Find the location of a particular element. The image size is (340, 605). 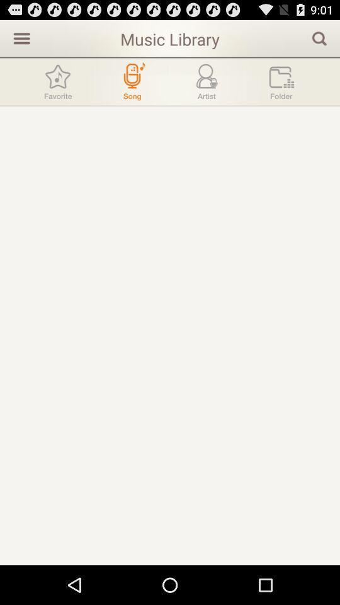

folder is located at coordinates (281, 81).